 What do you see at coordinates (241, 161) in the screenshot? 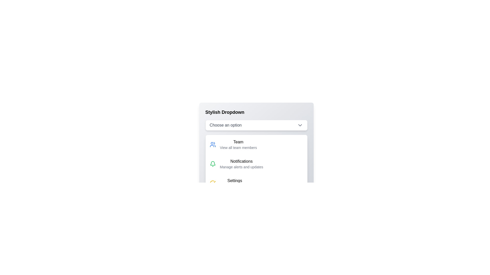
I see `the 'Notifications' label element` at bounding box center [241, 161].